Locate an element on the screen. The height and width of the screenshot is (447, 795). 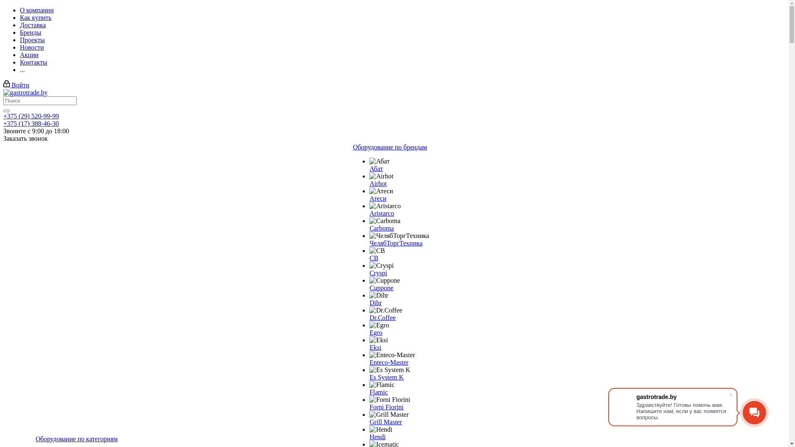
'Dr.Coffee' is located at coordinates (385, 310).